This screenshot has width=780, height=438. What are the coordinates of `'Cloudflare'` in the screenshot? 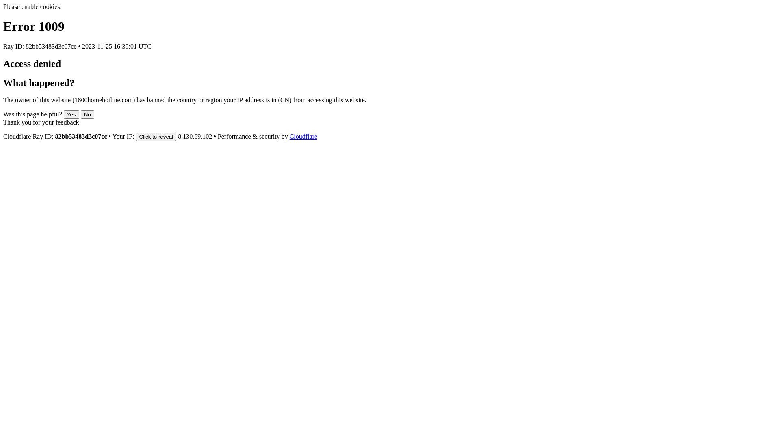 It's located at (303, 136).